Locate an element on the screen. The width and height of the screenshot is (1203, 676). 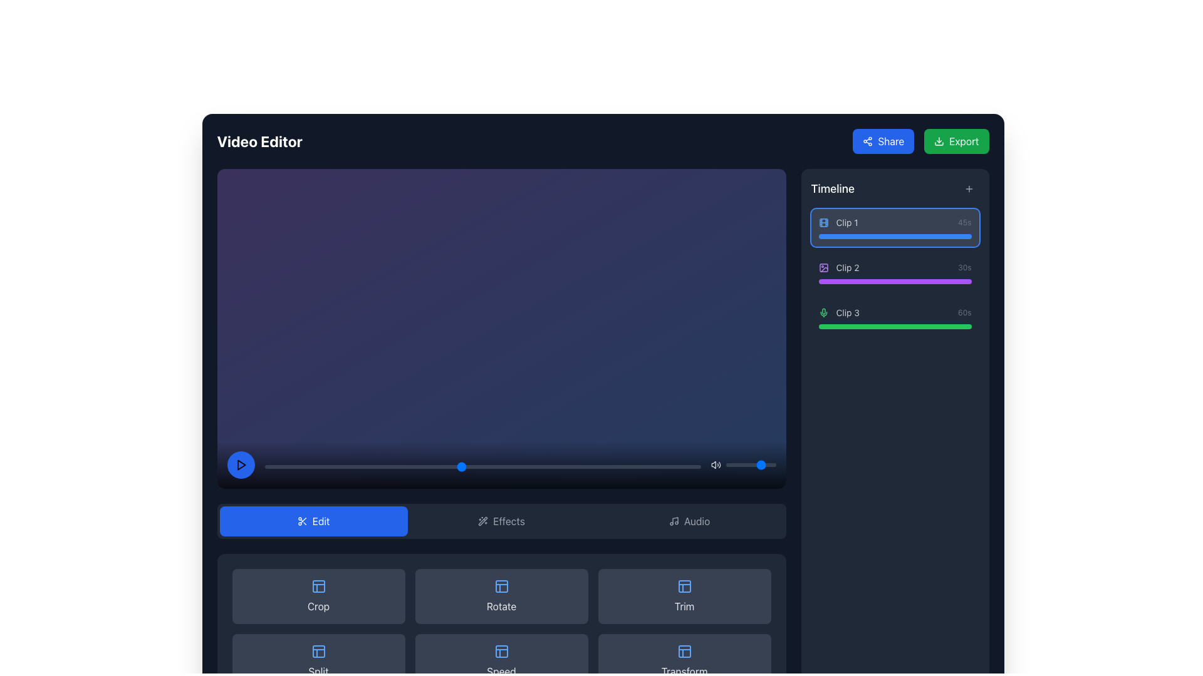
the small green download icon located to the left of the 'Export' text in the green button at the top-right corner of the interface is located at coordinates (939, 141).